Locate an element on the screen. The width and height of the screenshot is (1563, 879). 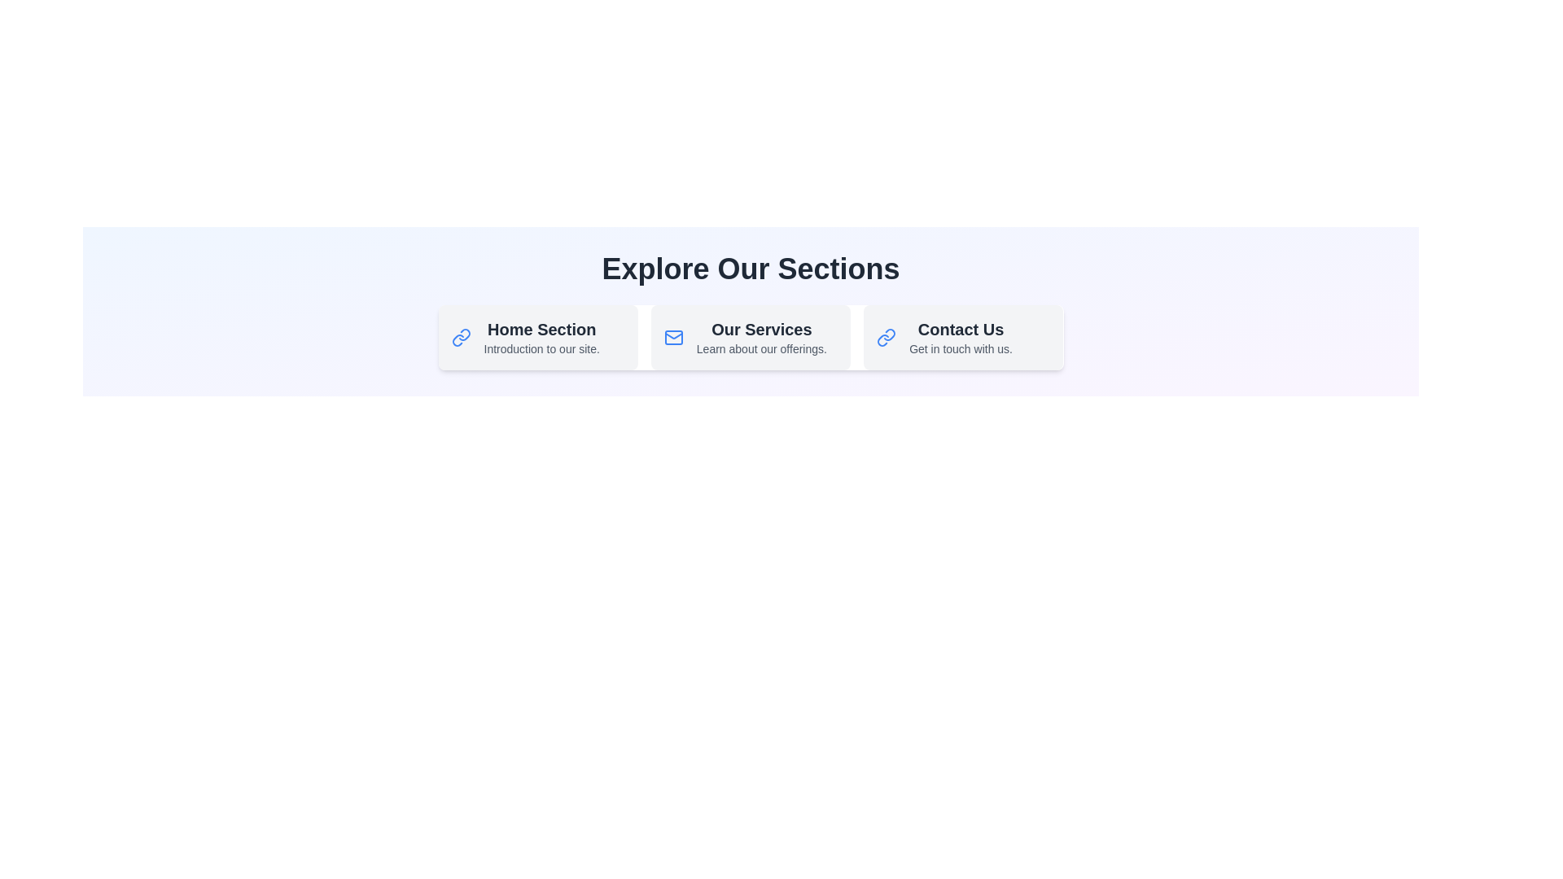
the 'Contact Us' section header text element is located at coordinates (961, 337).